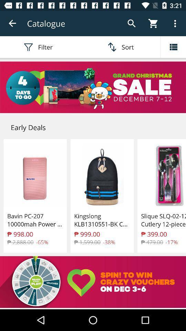 This screenshot has height=331, width=186. What do you see at coordinates (173, 47) in the screenshot?
I see `the list icon` at bounding box center [173, 47].